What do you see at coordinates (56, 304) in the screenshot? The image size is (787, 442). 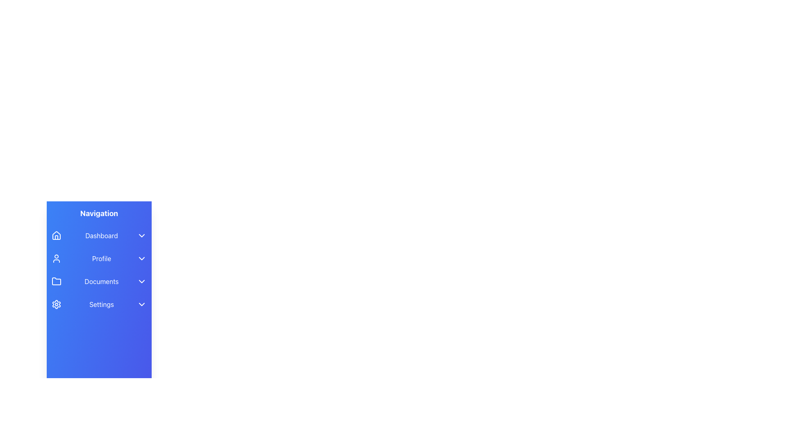 I see `the cogwheel icon located in the vertical navigation menu, which is directly to the left of the 'Settings' text label` at bounding box center [56, 304].